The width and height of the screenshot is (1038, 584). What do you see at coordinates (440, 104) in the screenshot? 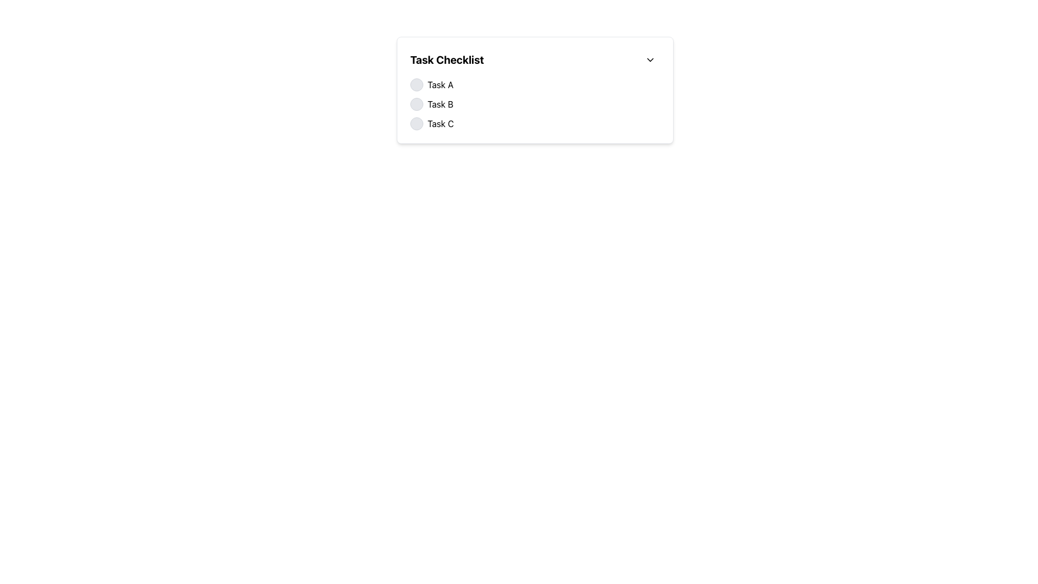
I see `text label 'Task B' which is the second item in the vertical task list within the 'Task Checklist' card` at bounding box center [440, 104].